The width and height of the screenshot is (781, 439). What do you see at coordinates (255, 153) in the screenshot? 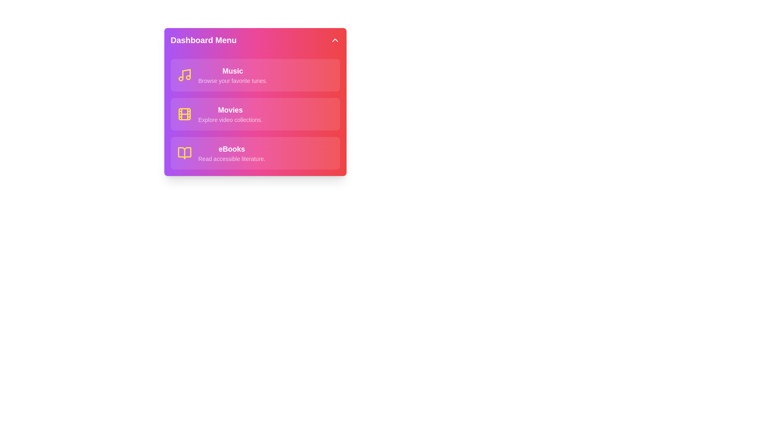
I see `the menu item eBooks to see the hover effect` at bounding box center [255, 153].